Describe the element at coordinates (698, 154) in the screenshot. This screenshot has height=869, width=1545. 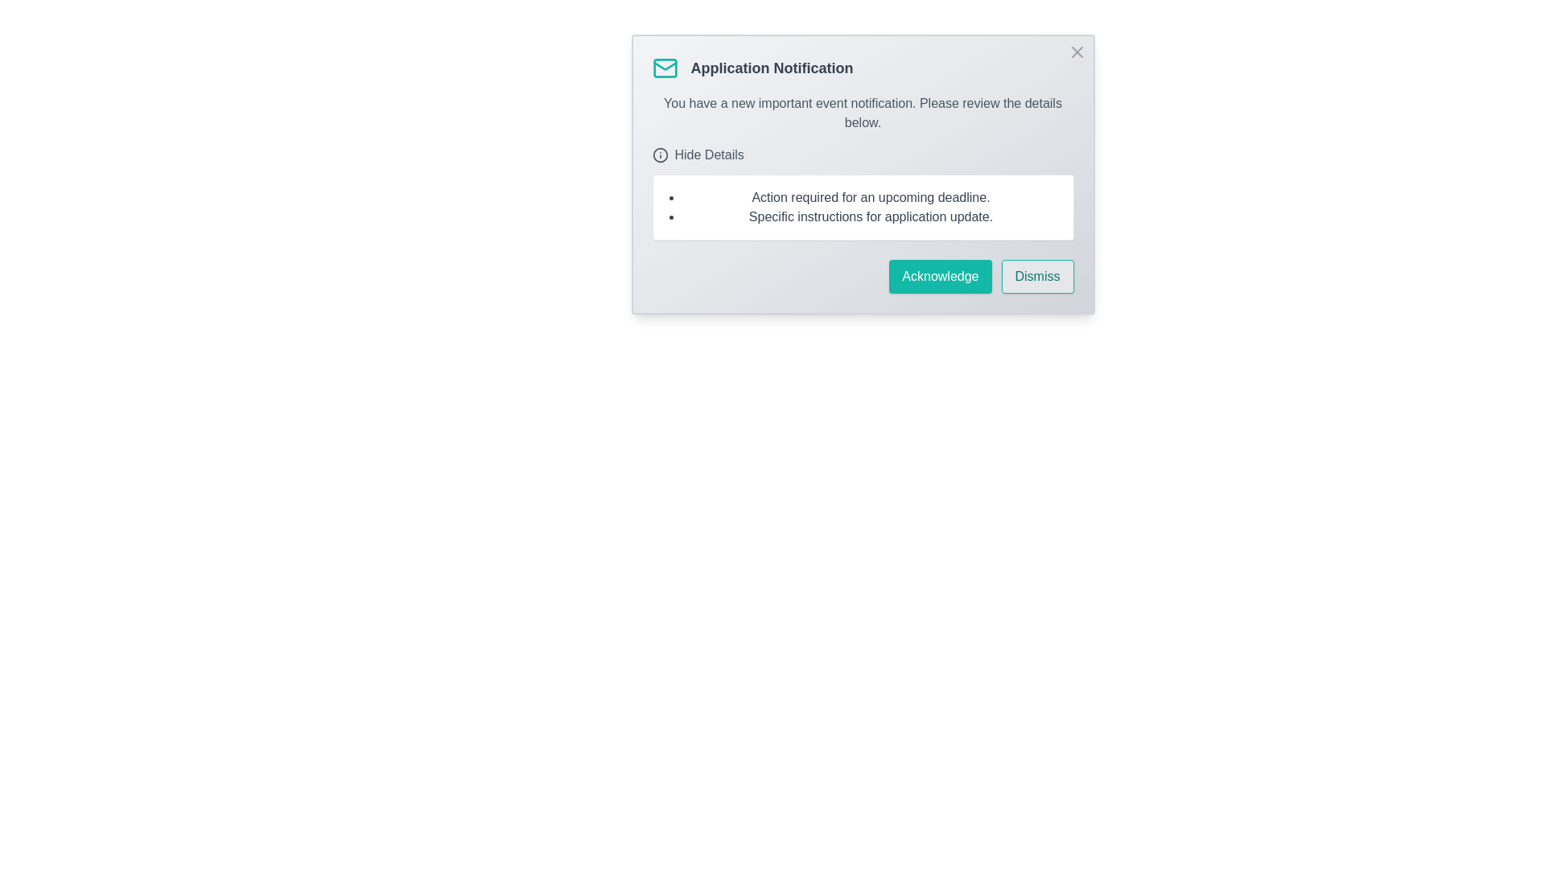
I see `'Hide Details' link to toggle the details section` at that location.